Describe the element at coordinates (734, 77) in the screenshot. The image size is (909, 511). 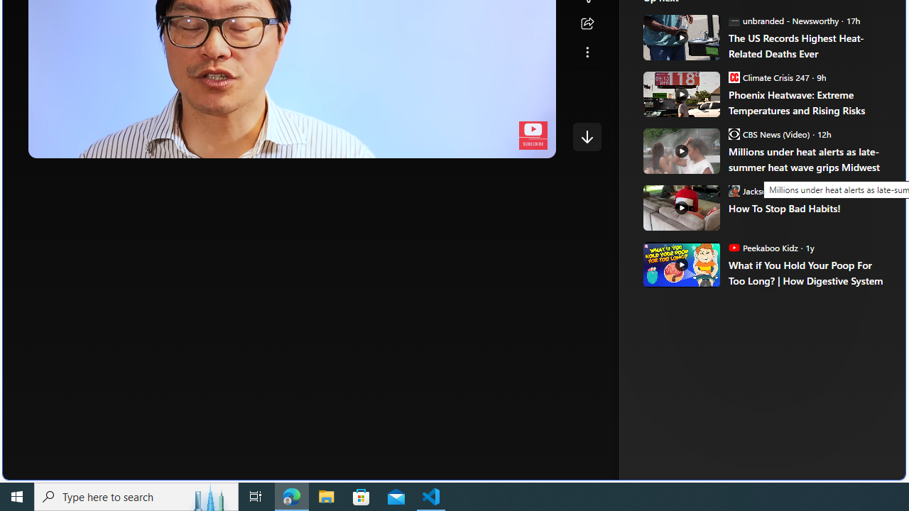
I see `'Climate Crisis 247'` at that location.